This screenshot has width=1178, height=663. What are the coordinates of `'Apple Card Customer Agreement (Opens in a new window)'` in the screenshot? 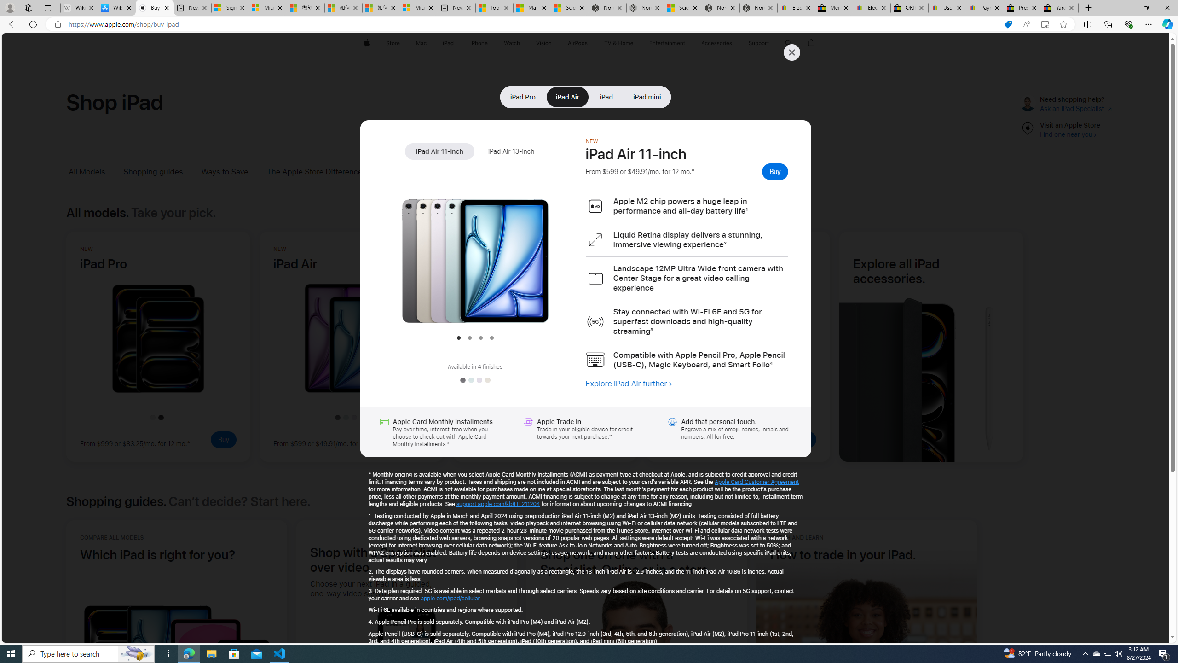 It's located at (757, 481).